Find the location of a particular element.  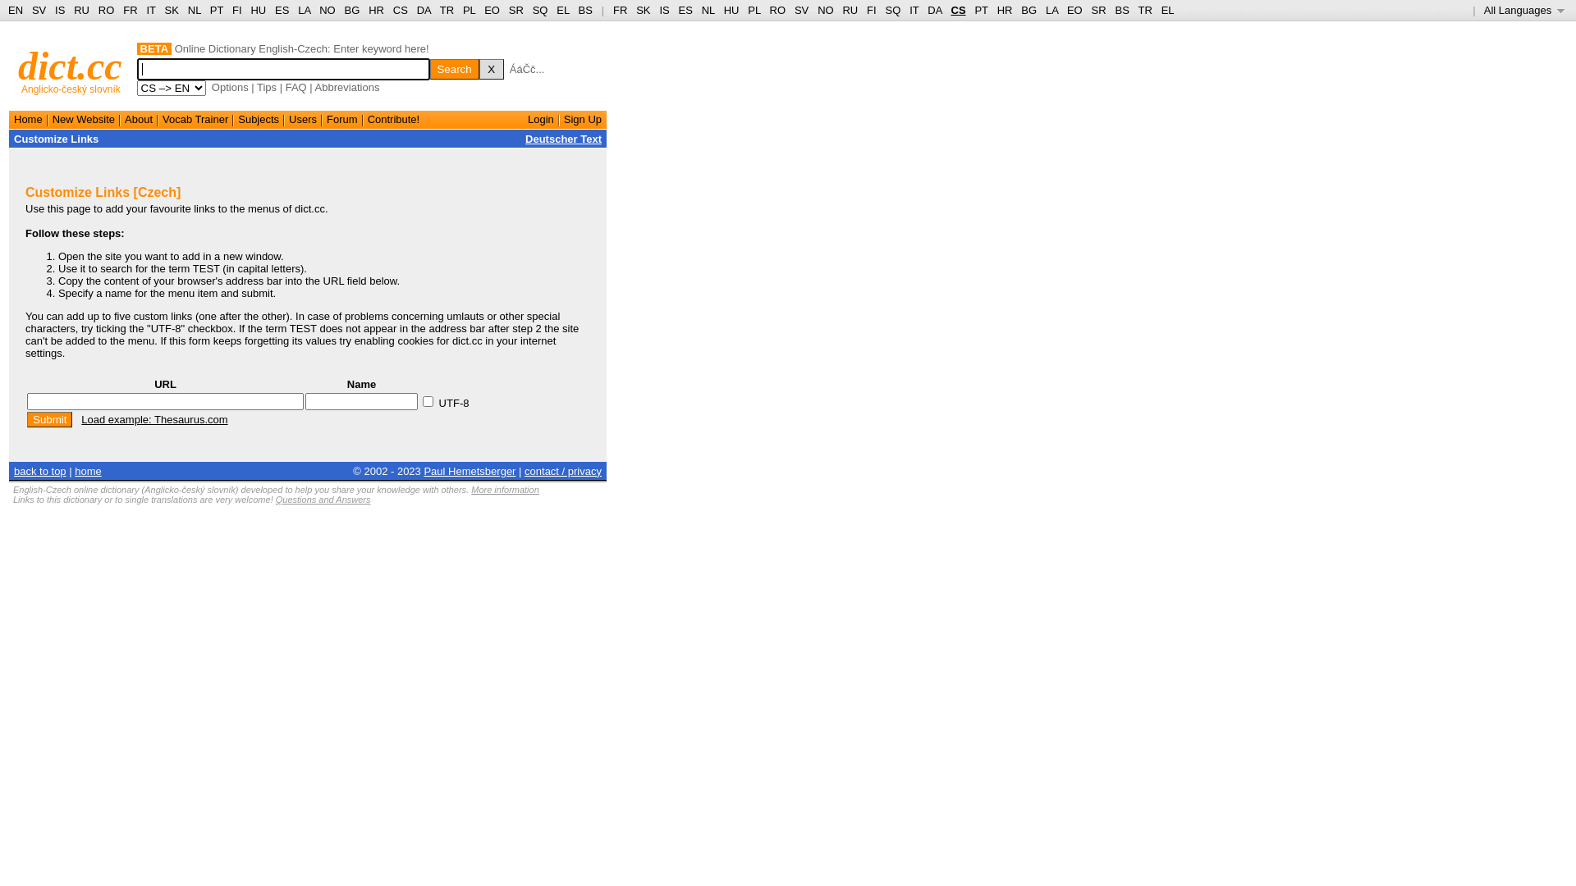

'Abbreviations' is located at coordinates (346, 87).